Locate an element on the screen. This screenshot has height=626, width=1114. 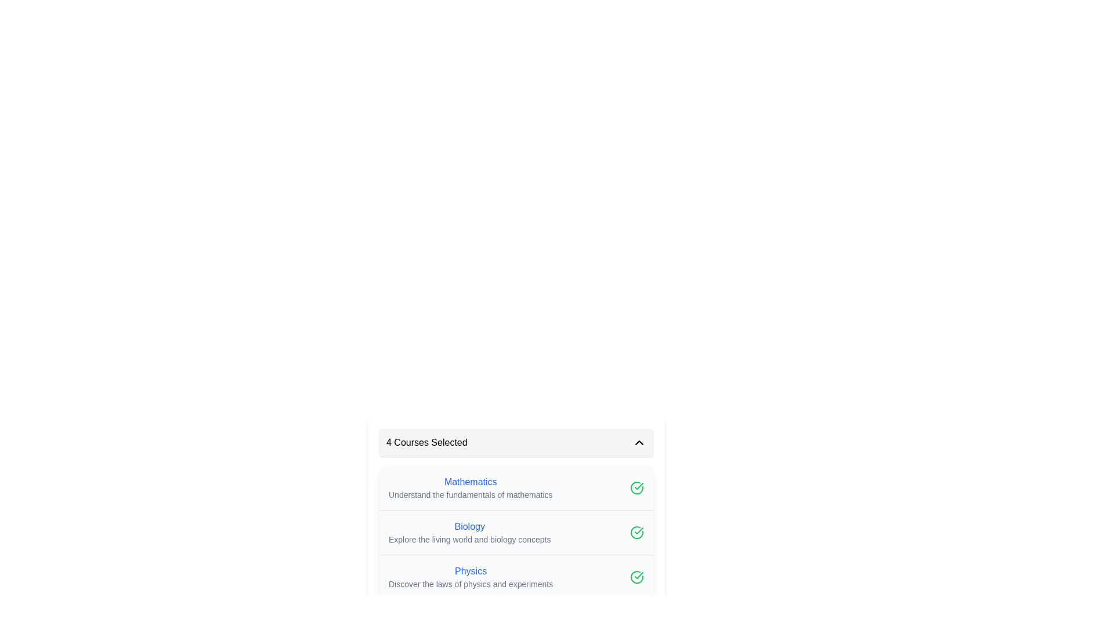
the 'Biology' text element, which is styled in blue and bold font, located in the second row of the list, above the 'Physics' entry is located at coordinates (469, 527).